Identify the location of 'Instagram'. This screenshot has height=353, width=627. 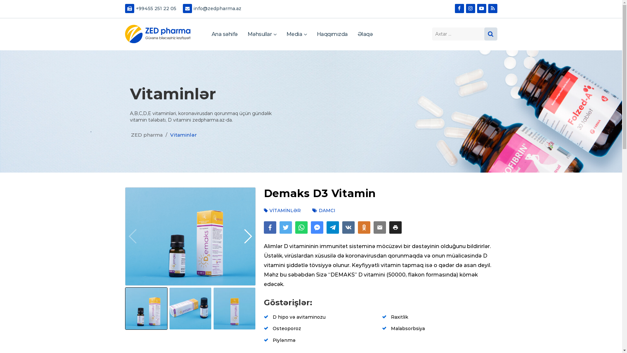
(470, 8).